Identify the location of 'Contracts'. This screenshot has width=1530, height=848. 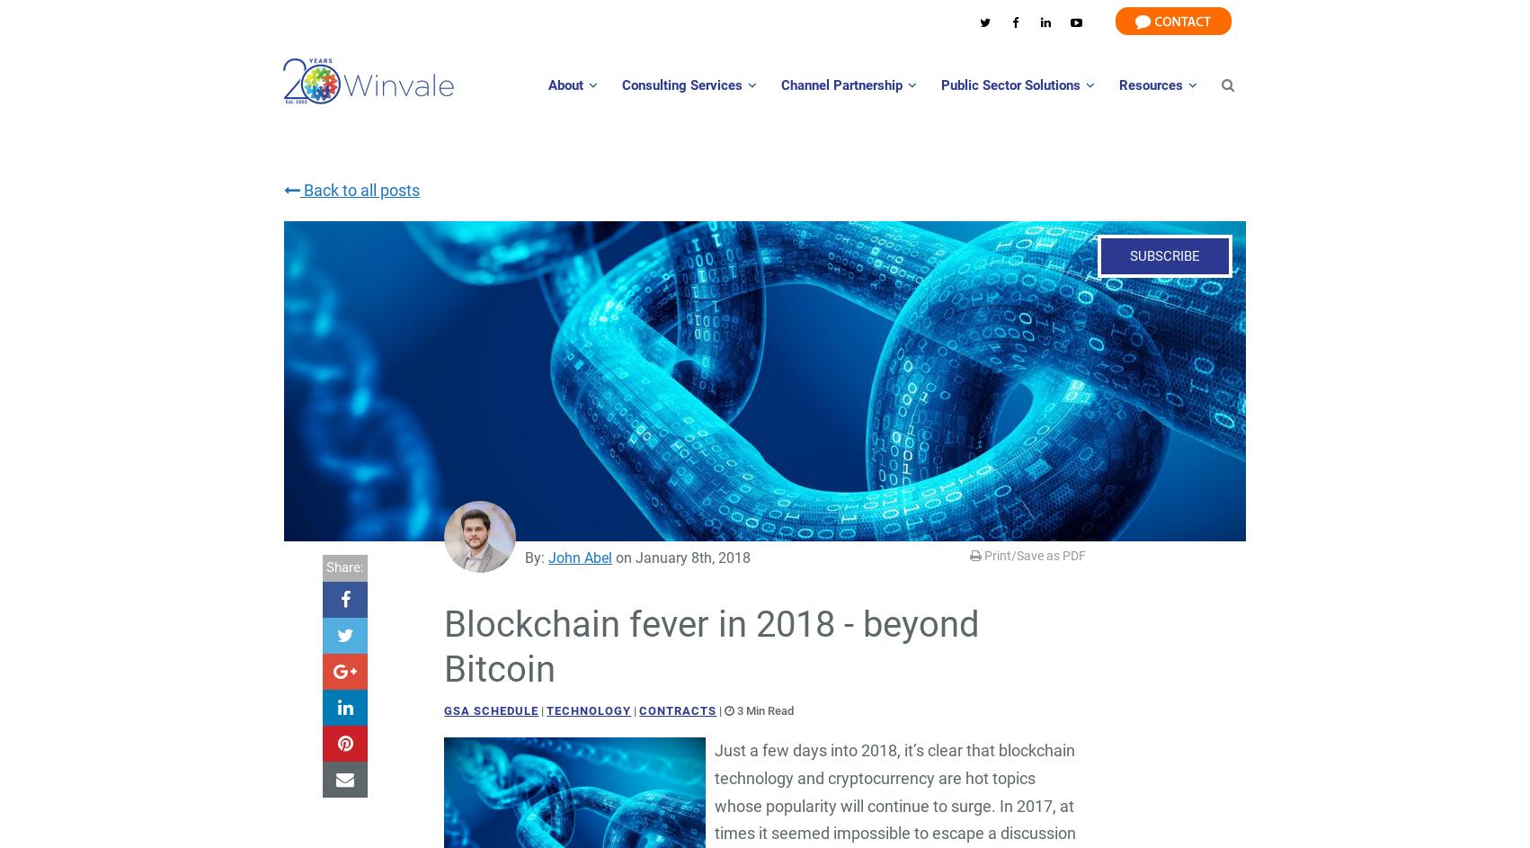
(637, 710).